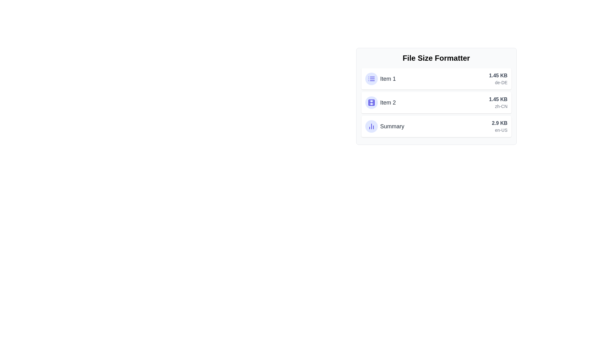 Image resolution: width=602 pixels, height=338 pixels. What do you see at coordinates (384, 126) in the screenshot?
I see `the 'Summary' label, which is the first item in a horizontally-aligned row and features a bar chart icon on the left and bold text on the right` at bounding box center [384, 126].